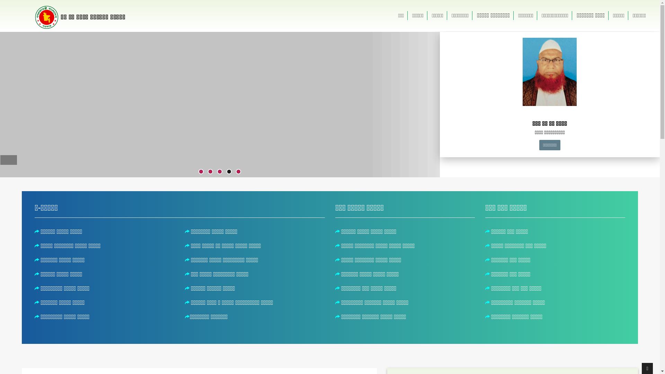  Describe the element at coordinates (219, 171) in the screenshot. I see `'3'` at that location.